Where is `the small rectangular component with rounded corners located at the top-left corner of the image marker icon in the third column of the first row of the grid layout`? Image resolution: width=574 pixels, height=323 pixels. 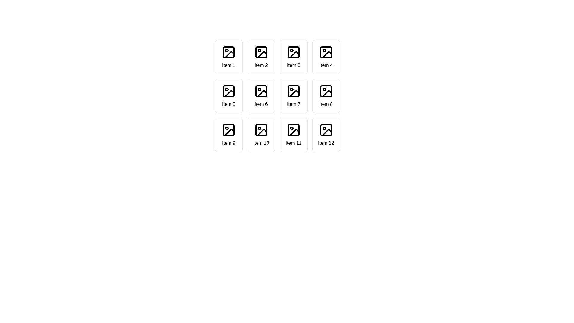
the small rectangular component with rounded corners located at the top-left corner of the image marker icon in the third column of the first row of the grid layout is located at coordinates (294, 52).